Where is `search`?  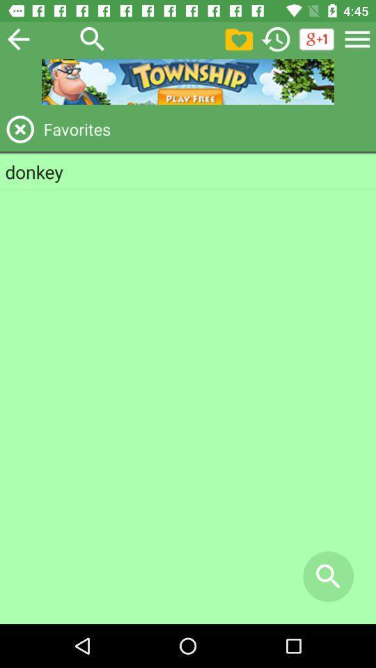
search is located at coordinates (93, 38).